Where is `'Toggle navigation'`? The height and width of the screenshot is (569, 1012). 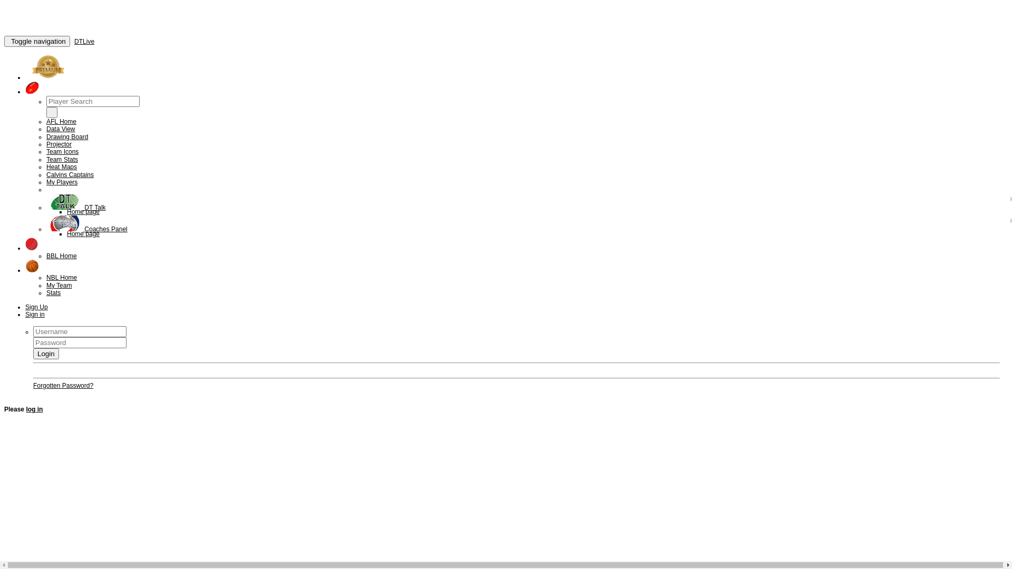 'Toggle navigation' is located at coordinates (37, 41).